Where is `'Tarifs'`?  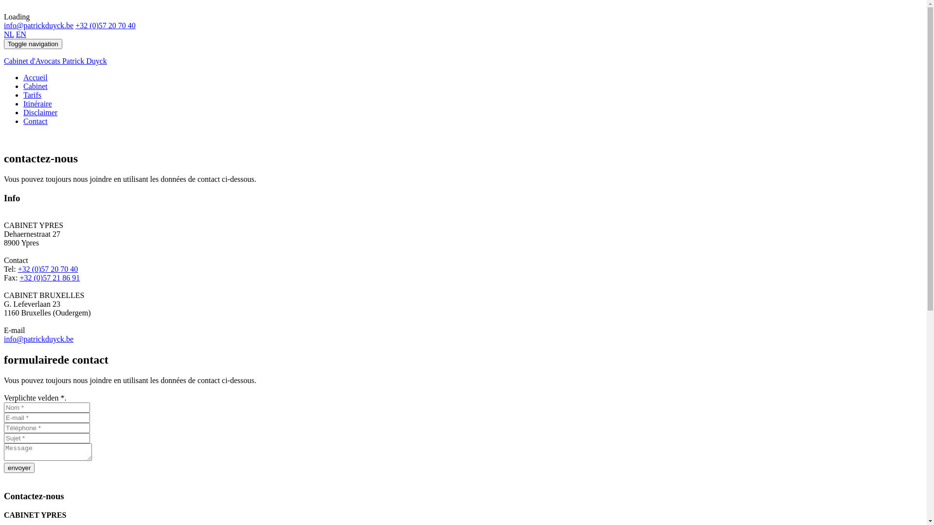
'Tarifs' is located at coordinates (32, 95).